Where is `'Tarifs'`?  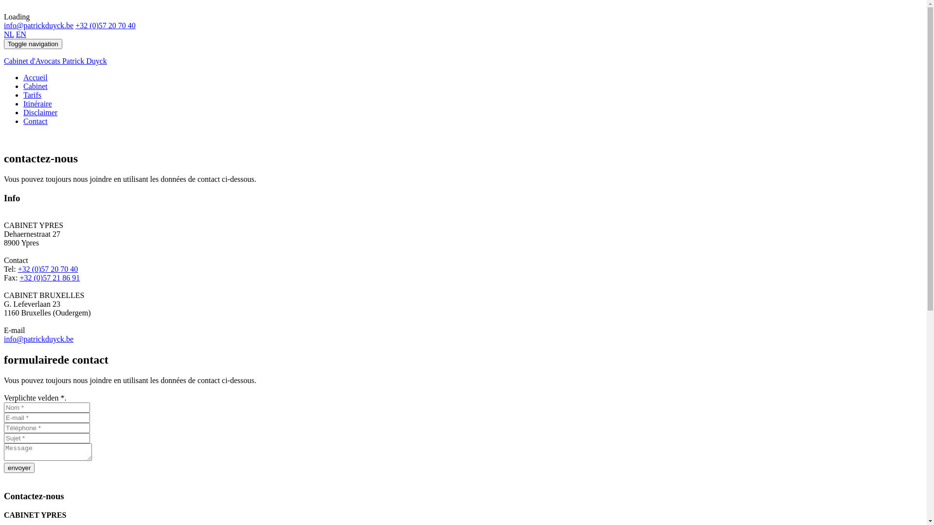
'Tarifs' is located at coordinates (32, 95).